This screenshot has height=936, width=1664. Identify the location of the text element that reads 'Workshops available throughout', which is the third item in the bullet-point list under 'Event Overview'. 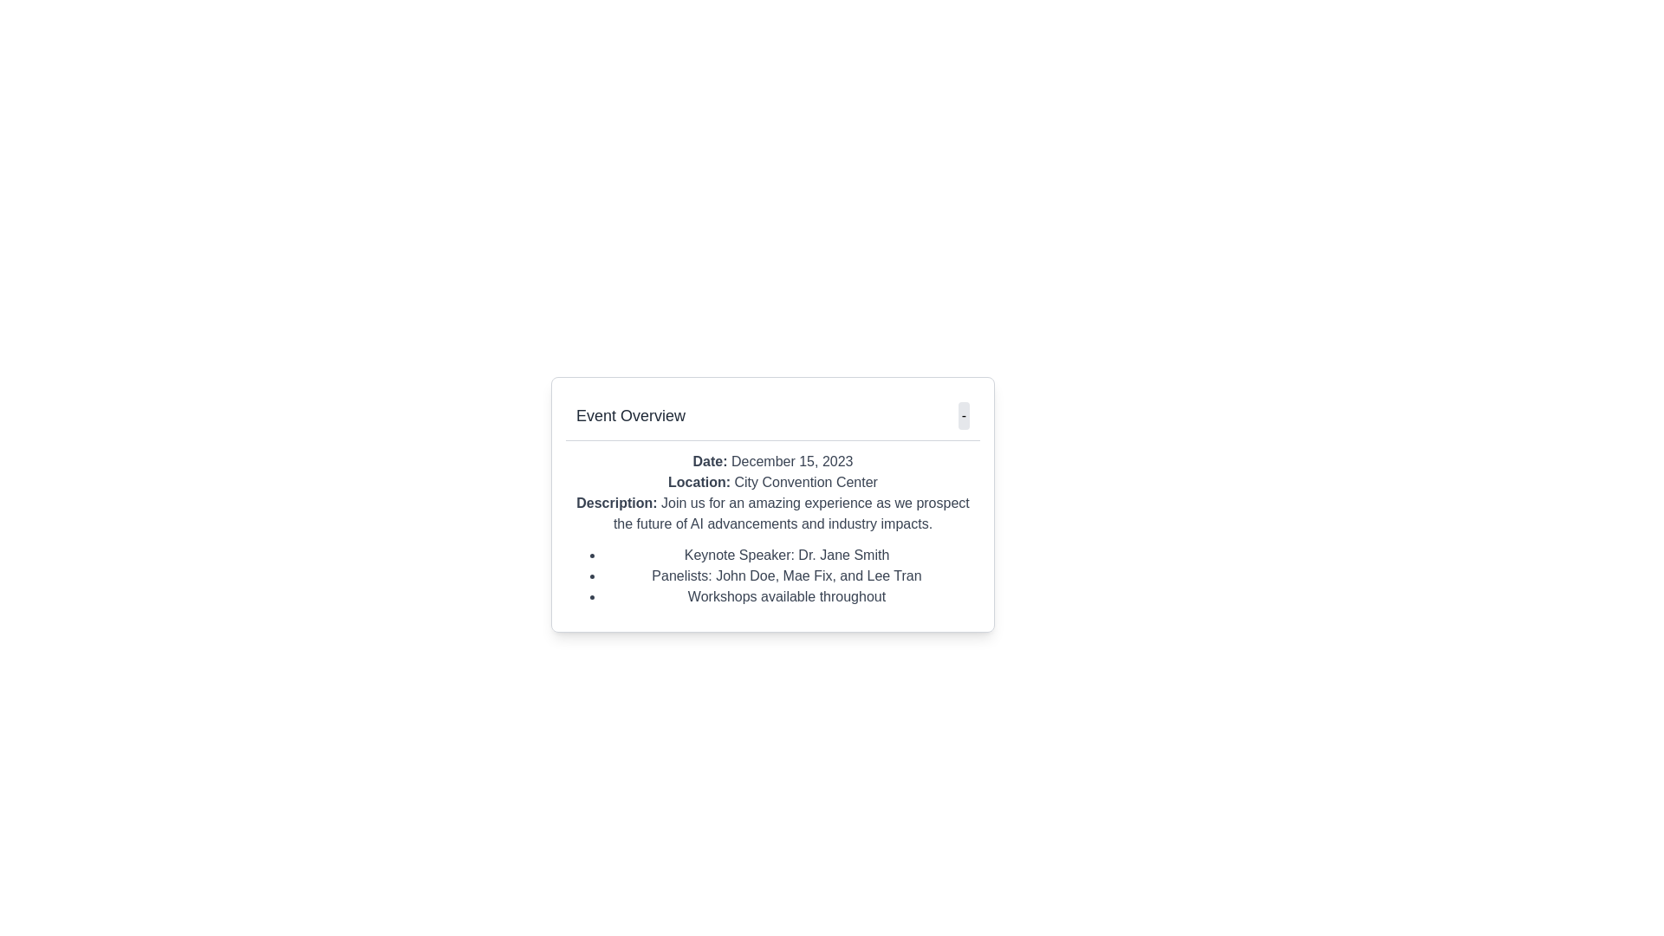
(785, 596).